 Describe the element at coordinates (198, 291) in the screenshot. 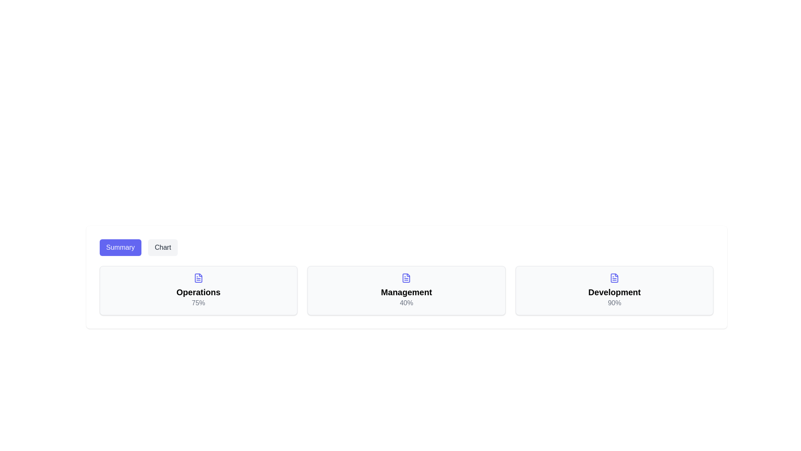

I see `the prominent label displaying 'Operations', which is part of a rectangular card in the first column of three cards` at that location.